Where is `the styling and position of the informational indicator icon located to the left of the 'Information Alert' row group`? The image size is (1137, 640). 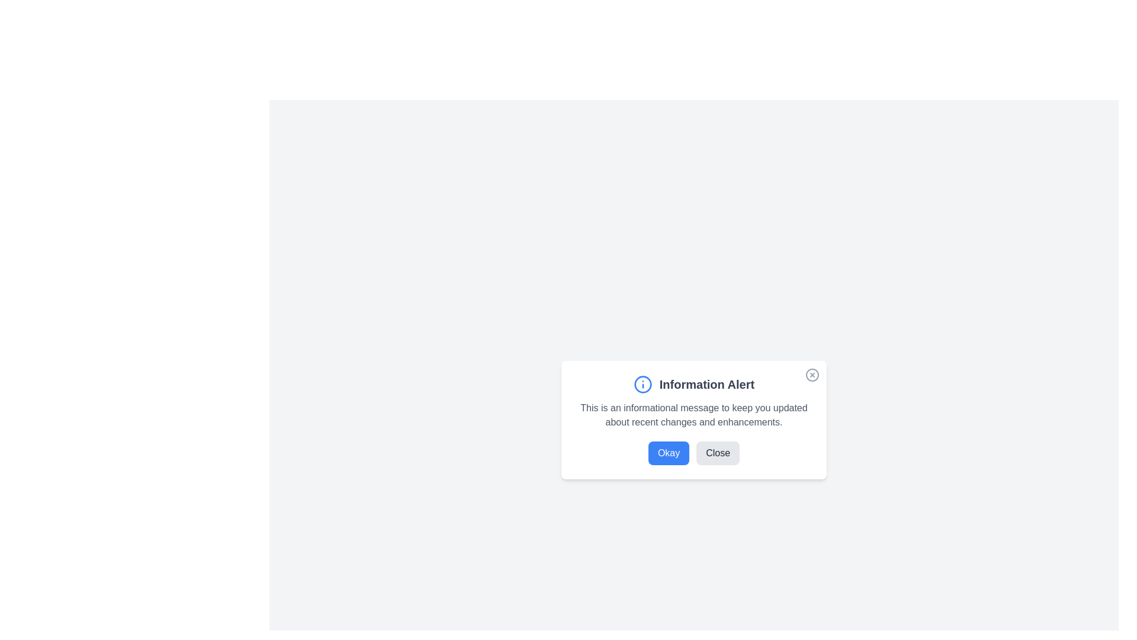
the styling and position of the informational indicator icon located to the left of the 'Information Alert' row group is located at coordinates (642, 384).